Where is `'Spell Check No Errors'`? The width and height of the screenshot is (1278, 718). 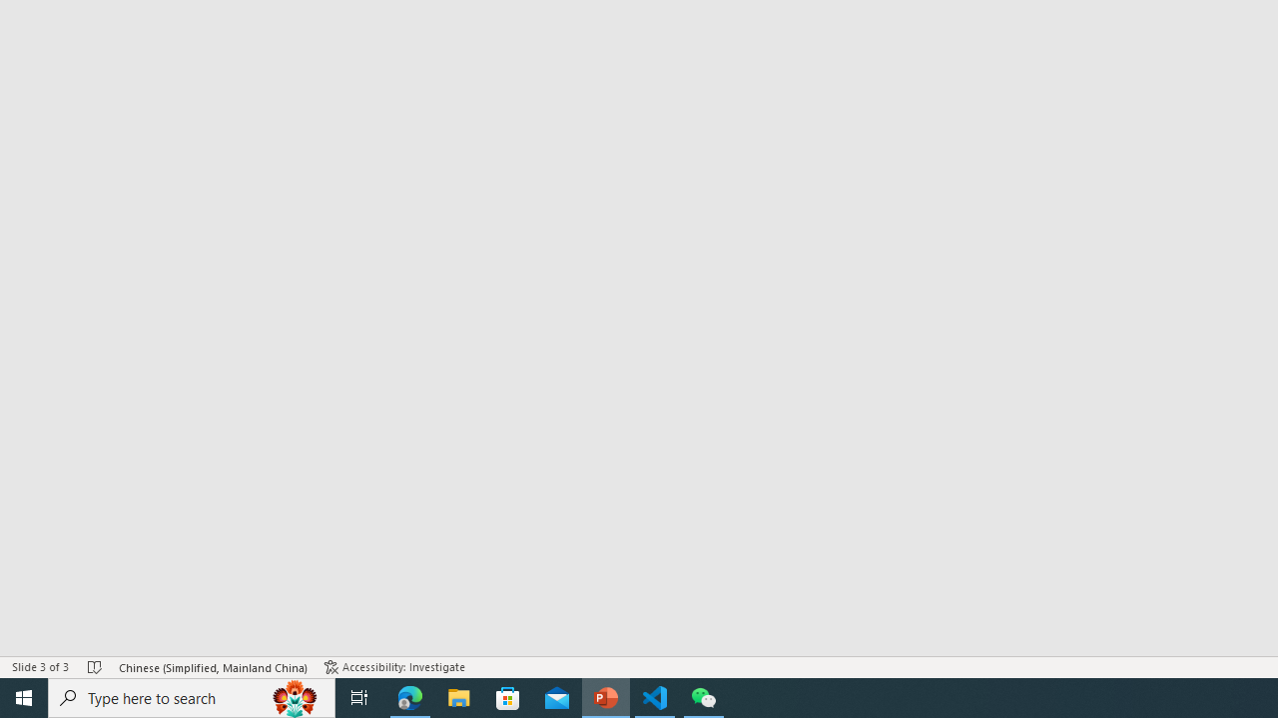 'Spell Check No Errors' is located at coordinates (95, 667).